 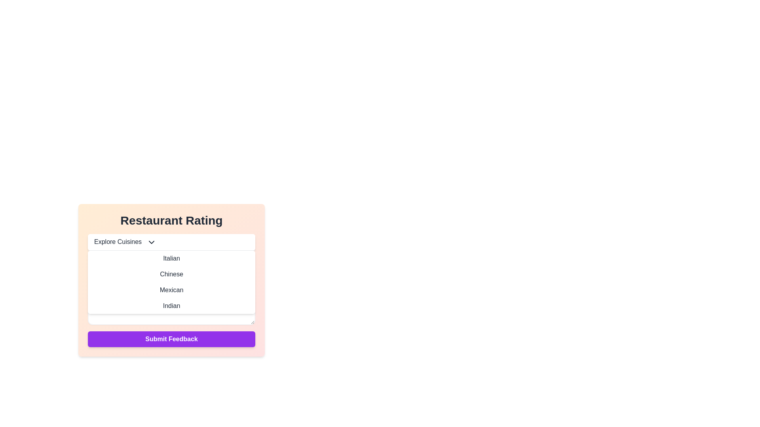 What do you see at coordinates (171, 221) in the screenshot?
I see `the static text header that indicates the context of the interface related to restaurant ratings, positioned above the 'Explore Cuisines' dropdown` at bounding box center [171, 221].